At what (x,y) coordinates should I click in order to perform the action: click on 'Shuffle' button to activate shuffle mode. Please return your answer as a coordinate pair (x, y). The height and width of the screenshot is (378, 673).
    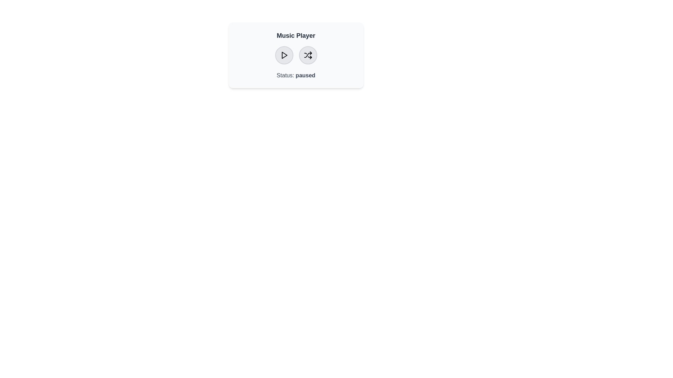
    Looking at the image, I should click on (308, 55).